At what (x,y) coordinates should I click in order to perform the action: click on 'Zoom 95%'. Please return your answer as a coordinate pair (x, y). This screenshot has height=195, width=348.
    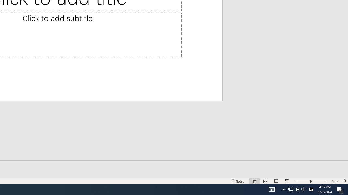
    Looking at the image, I should click on (335, 181).